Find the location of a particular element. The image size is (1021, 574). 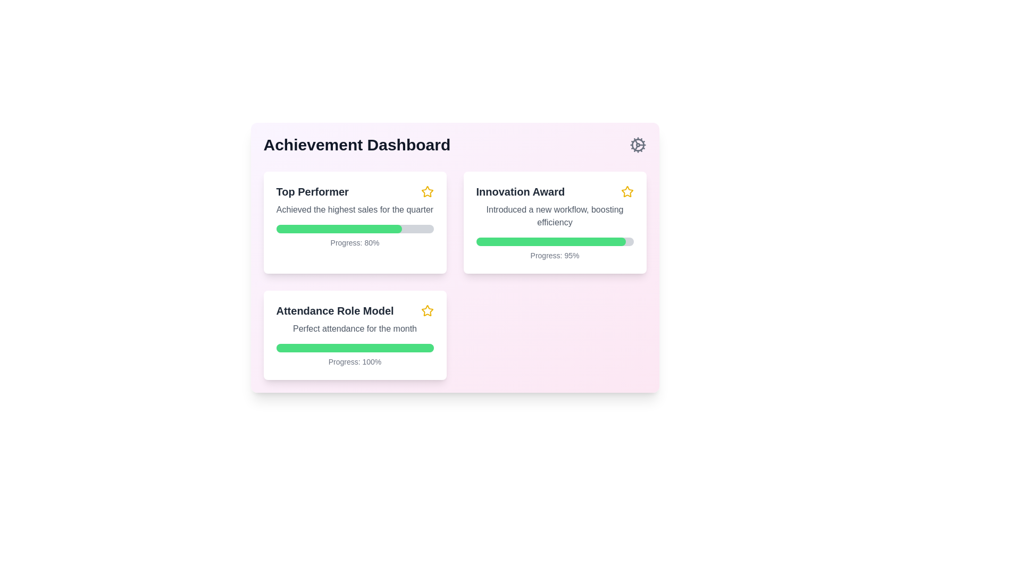

the filled section of the Progress bar representing 80% completion for the 'Top Performer' metric, located within the 'Top Performer' card on the dashboard is located at coordinates (338, 229).